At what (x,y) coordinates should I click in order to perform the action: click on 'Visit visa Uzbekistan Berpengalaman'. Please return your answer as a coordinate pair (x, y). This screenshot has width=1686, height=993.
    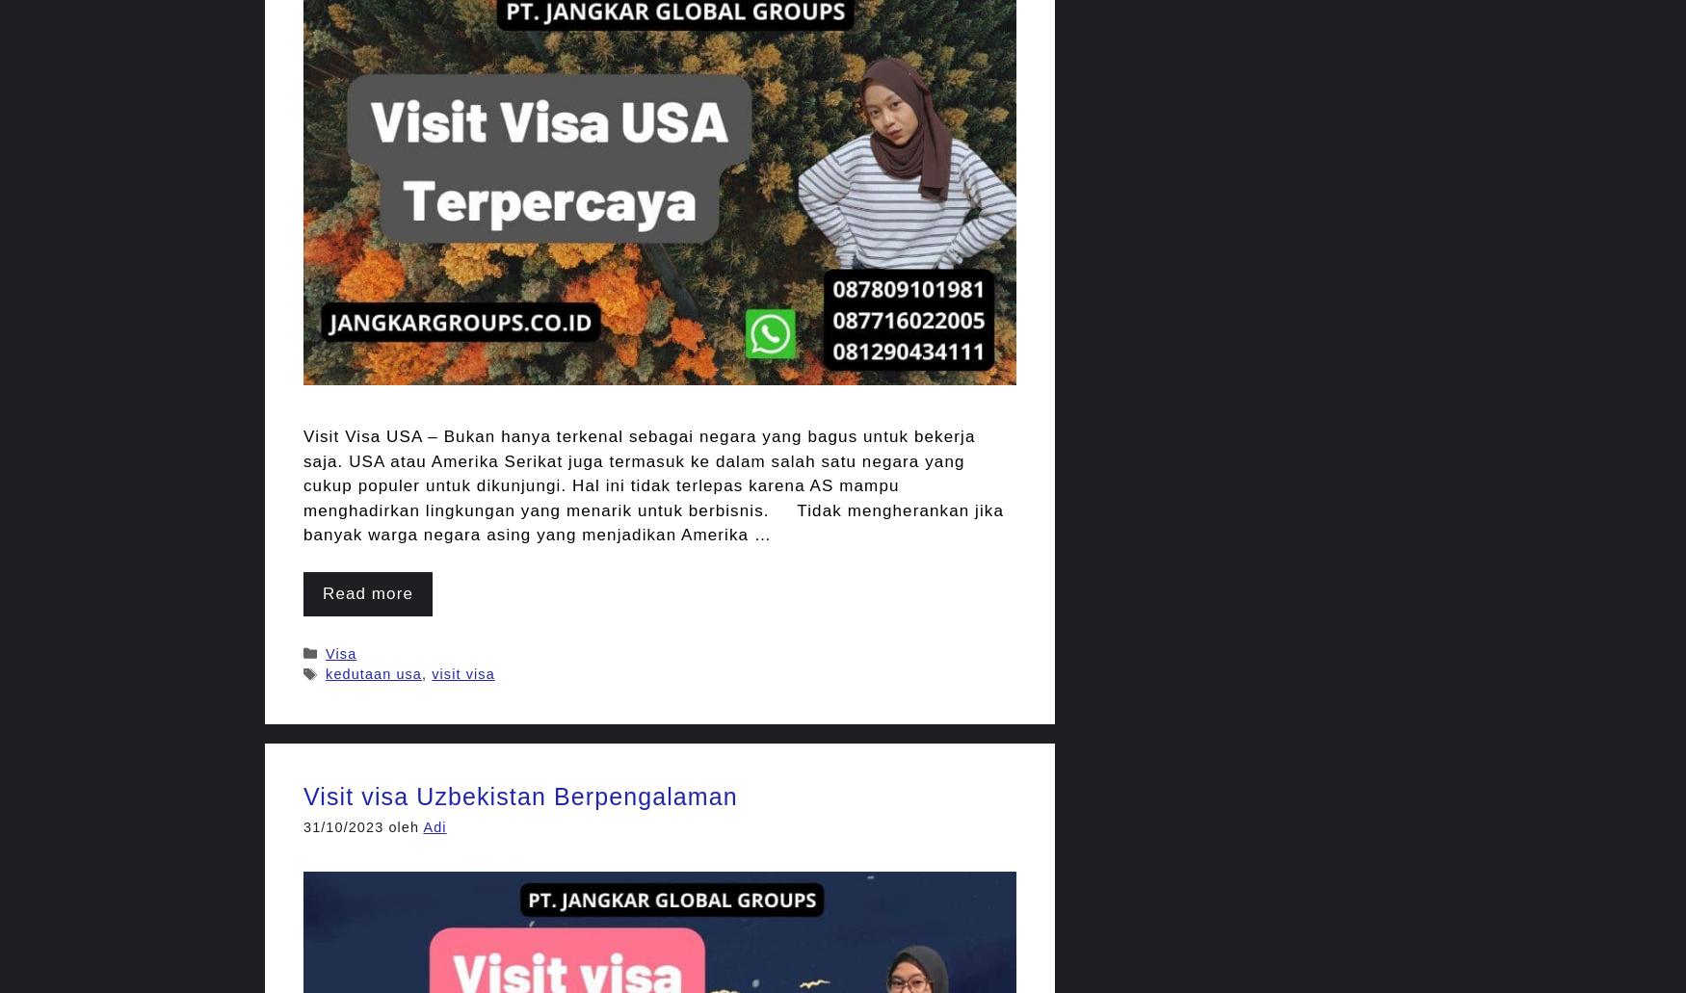
    Looking at the image, I should click on (519, 796).